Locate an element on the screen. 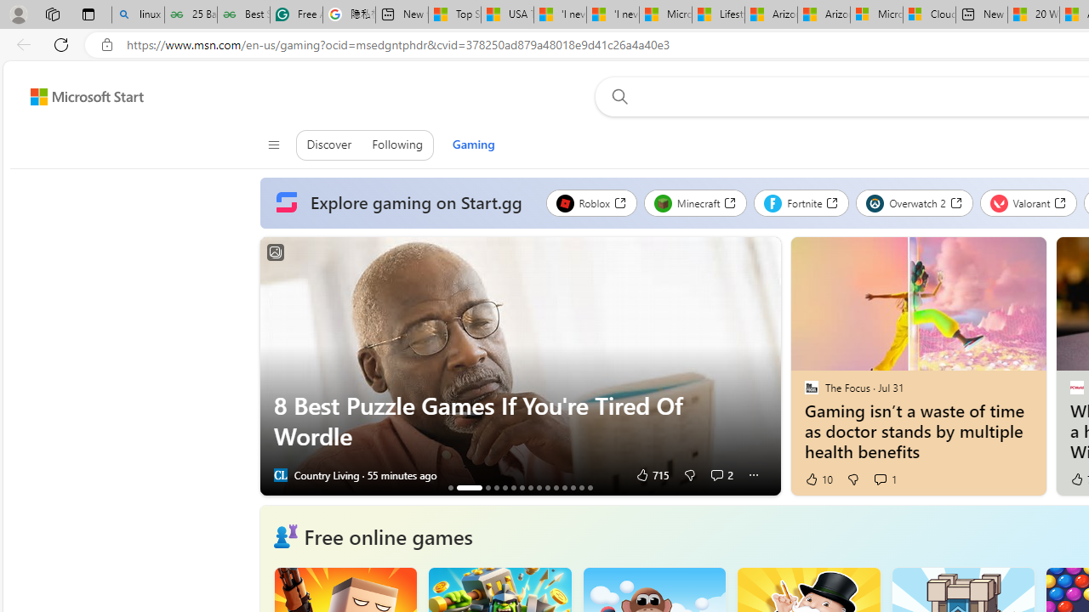  'Overwatch 2' is located at coordinates (914, 202).